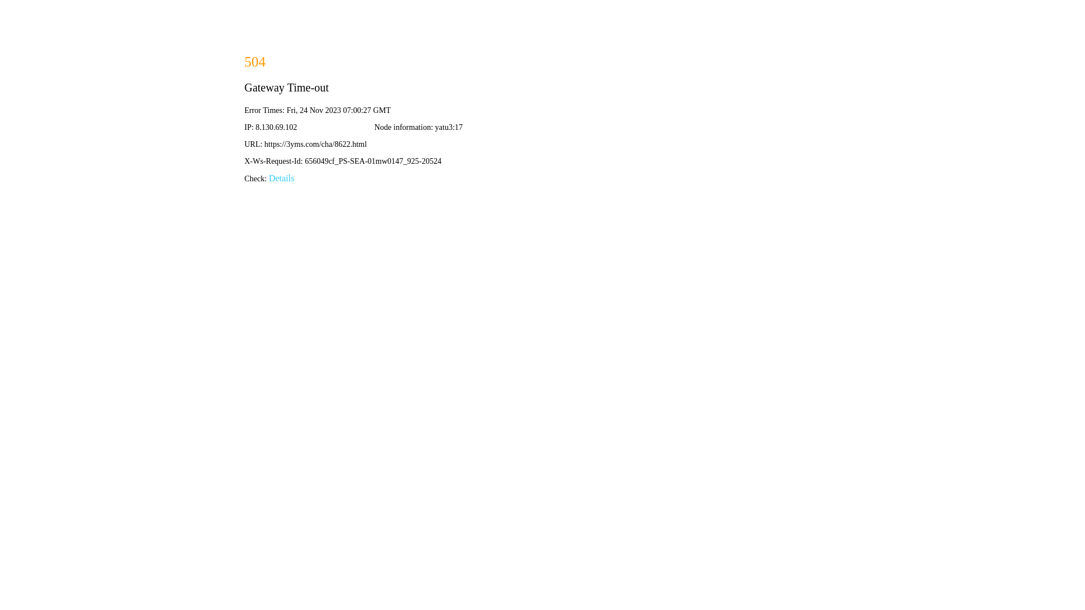 This screenshot has width=1085, height=610. What do you see at coordinates (281, 178) in the screenshot?
I see `'Details'` at bounding box center [281, 178].